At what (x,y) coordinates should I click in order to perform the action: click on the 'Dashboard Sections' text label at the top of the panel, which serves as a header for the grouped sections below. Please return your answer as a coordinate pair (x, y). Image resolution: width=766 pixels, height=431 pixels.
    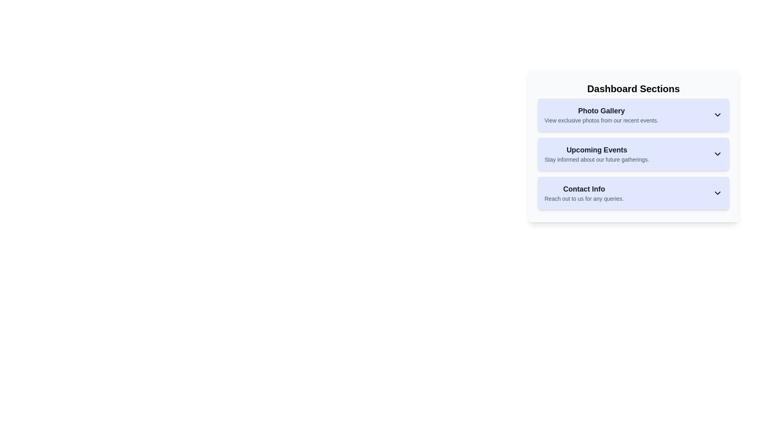
    Looking at the image, I should click on (633, 89).